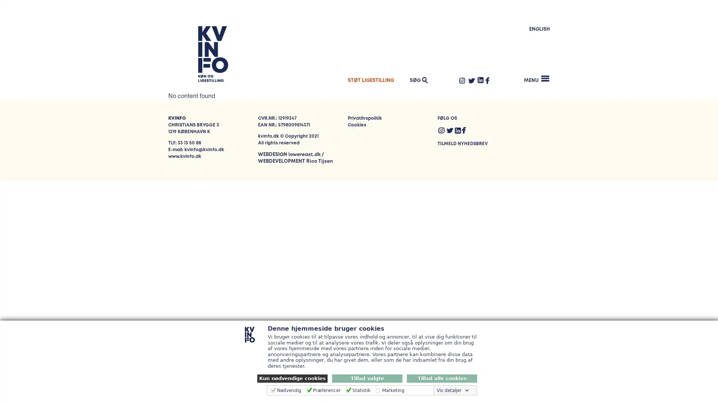 This screenshot has height=404, width=718. What do you see at coordinates (534, 70) in the screenshot?
I see `Sg` at bounding box center [534, 70].